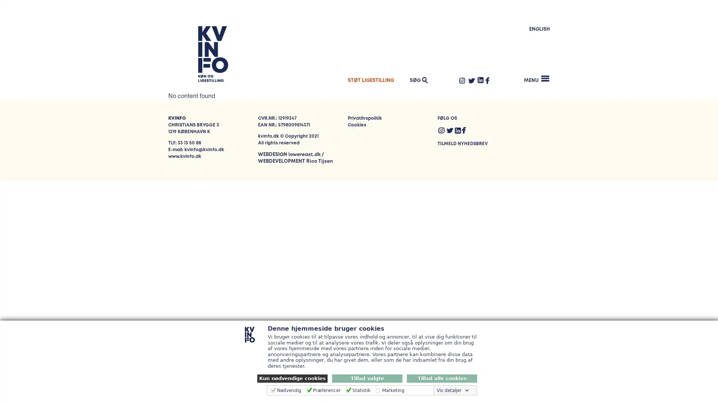 This screenshot has height=404, width=718. What do you see at coordinates (534, 70) in the screenshot?
I see `Sg` at bounding box center [534, 70].